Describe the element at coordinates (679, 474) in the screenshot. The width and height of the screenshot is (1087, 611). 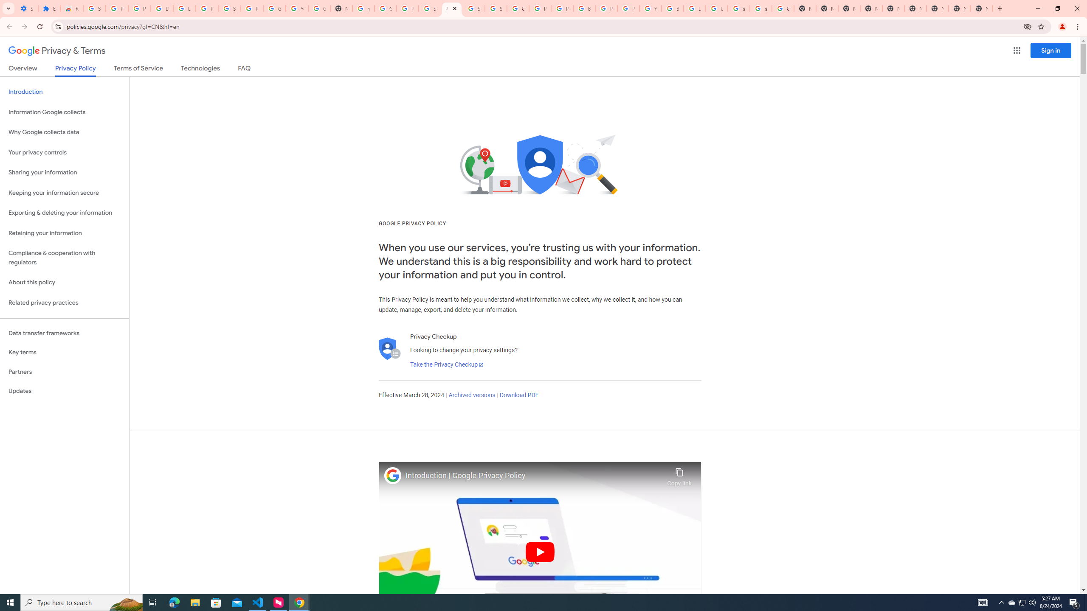
I see `'Copy link'` at that location.